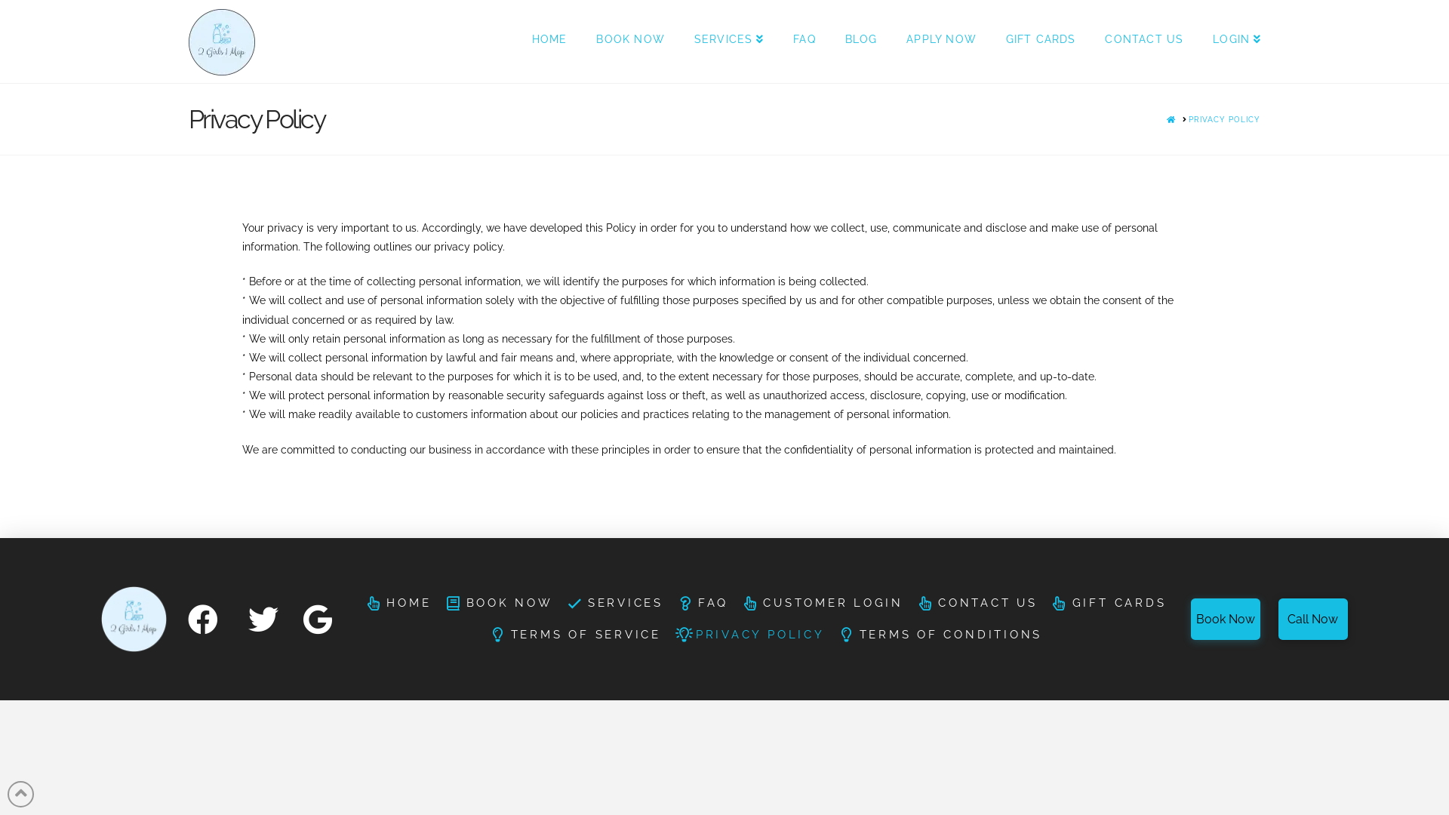 The image size is (1449, 815). What do you see at coordinates (940, 40) in the screenshot?
I see `'APPLY NOW'` at bounding box center [940, 40].